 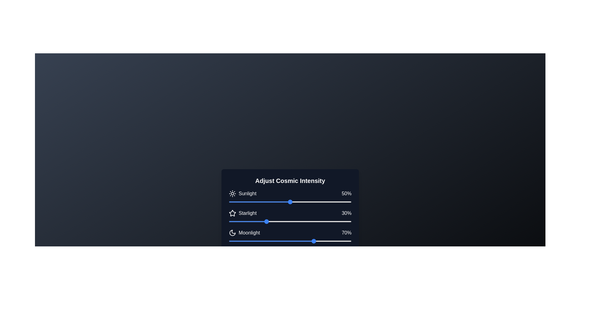 I want to click on the 'Sunlight' slider to 95% intensity, so click(x=345, y=202).